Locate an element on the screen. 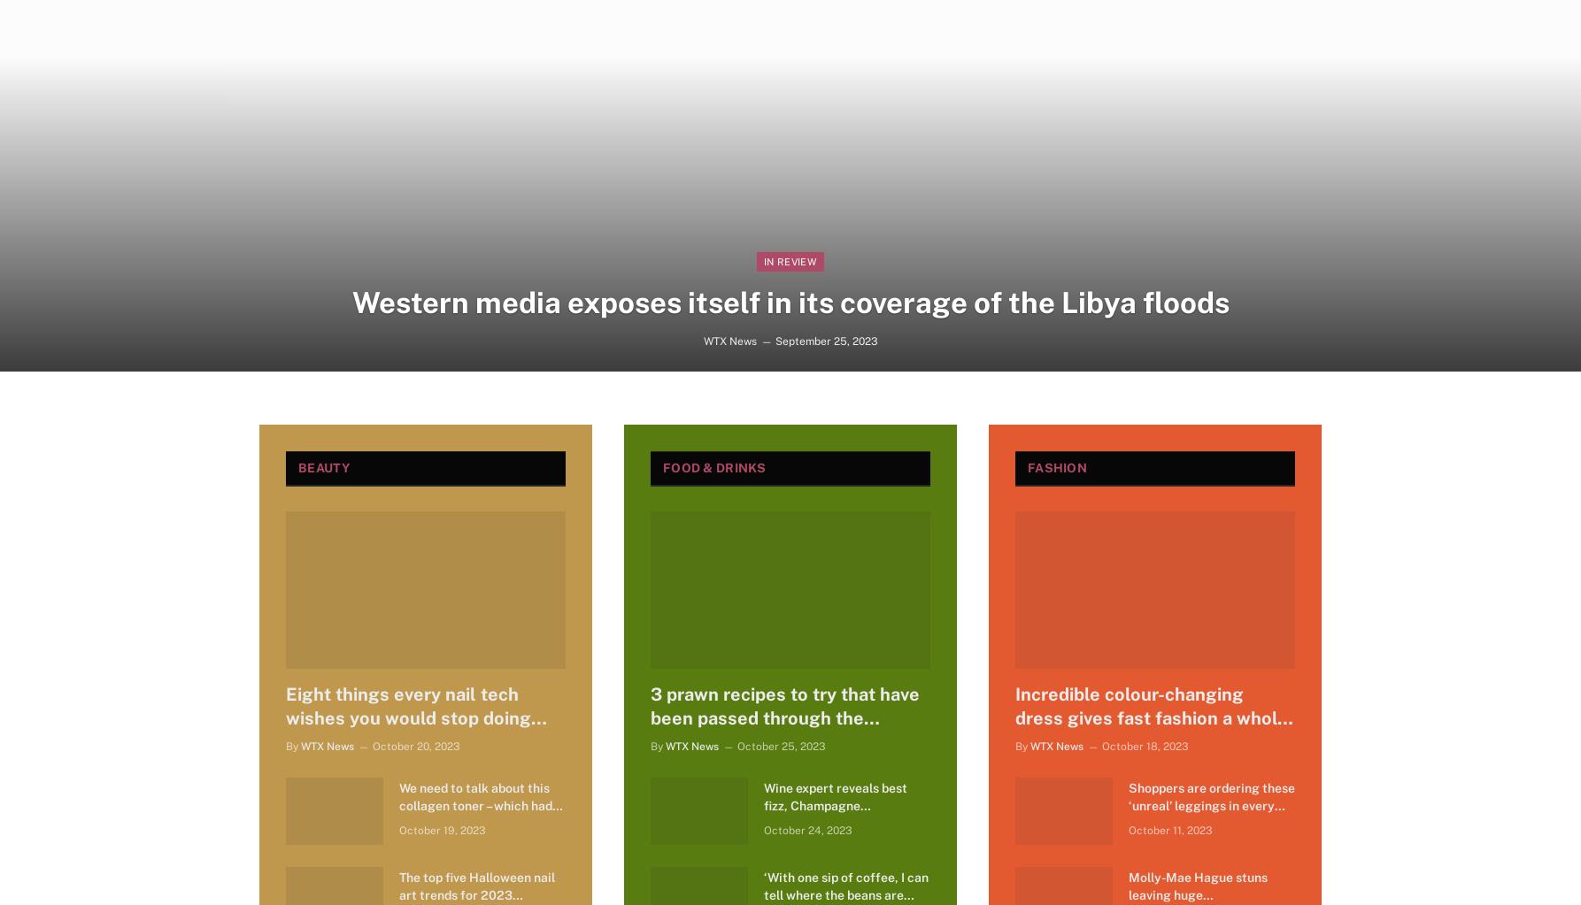  'Beauty' is located at coordinates (323, 466).